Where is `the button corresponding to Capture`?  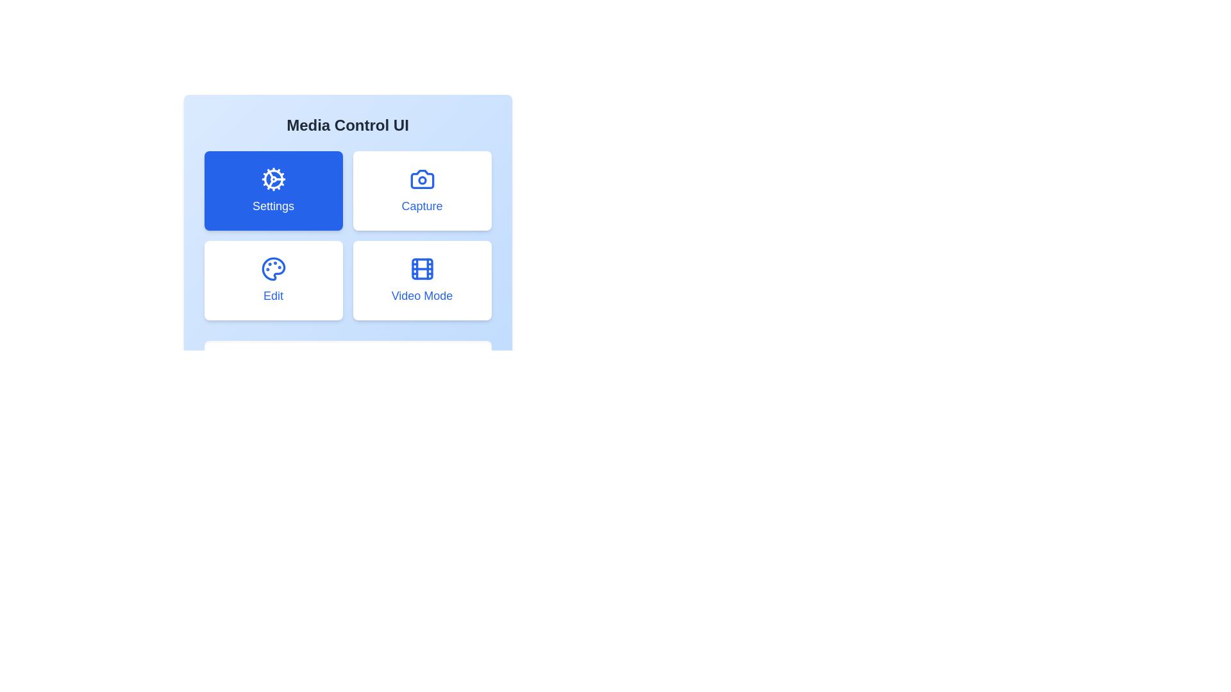
the button corresponding to Capture is located at coordinates (422, 190).